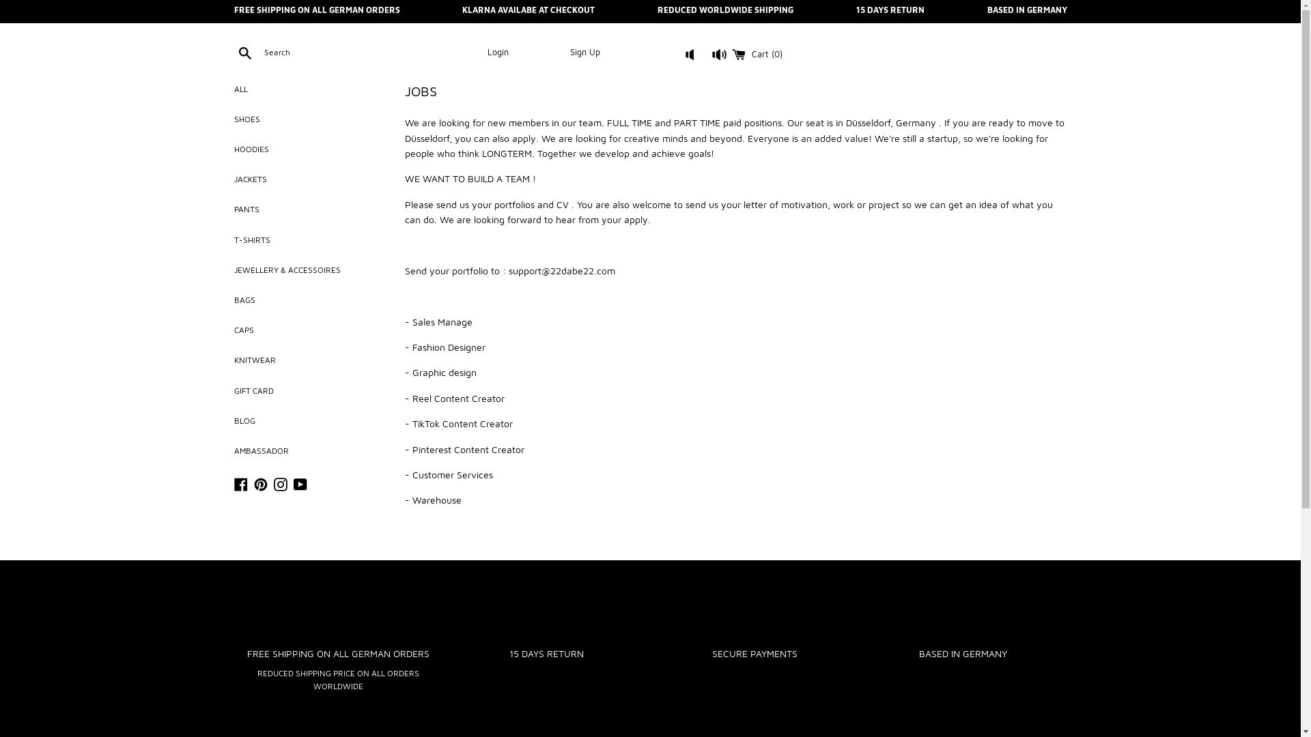  I want to click on 'JEWELLERY & ACCESSOIRES', so click(307, 270).